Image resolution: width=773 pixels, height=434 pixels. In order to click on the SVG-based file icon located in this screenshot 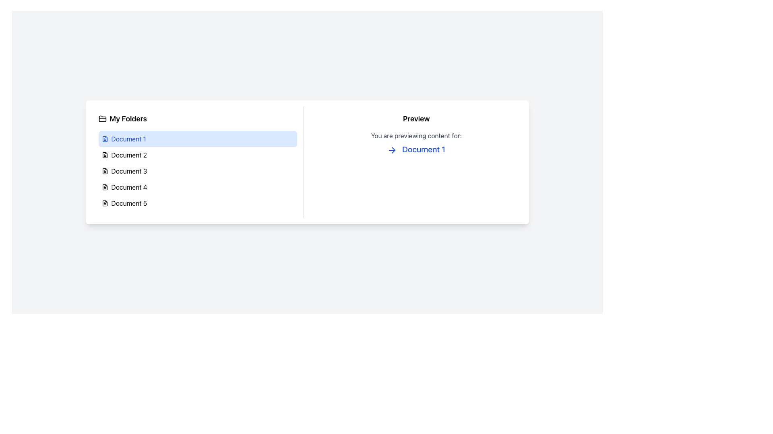, I will do `click(104, 139)`.